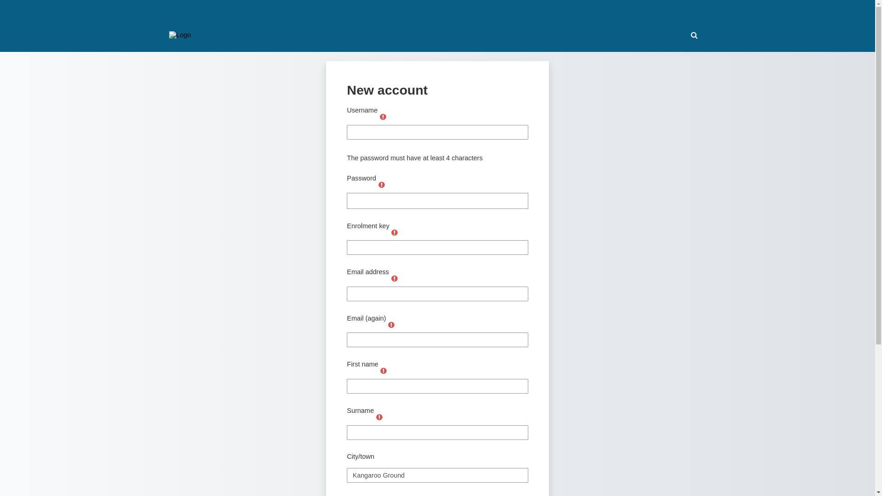  I want to click on 'Required', so click(383, 116).